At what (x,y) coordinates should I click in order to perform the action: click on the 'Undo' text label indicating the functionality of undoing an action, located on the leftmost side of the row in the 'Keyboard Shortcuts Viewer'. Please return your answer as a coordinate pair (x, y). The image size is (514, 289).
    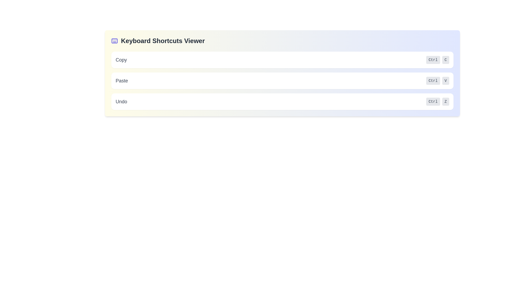
    Looking at the image, I should click on (121, 102).